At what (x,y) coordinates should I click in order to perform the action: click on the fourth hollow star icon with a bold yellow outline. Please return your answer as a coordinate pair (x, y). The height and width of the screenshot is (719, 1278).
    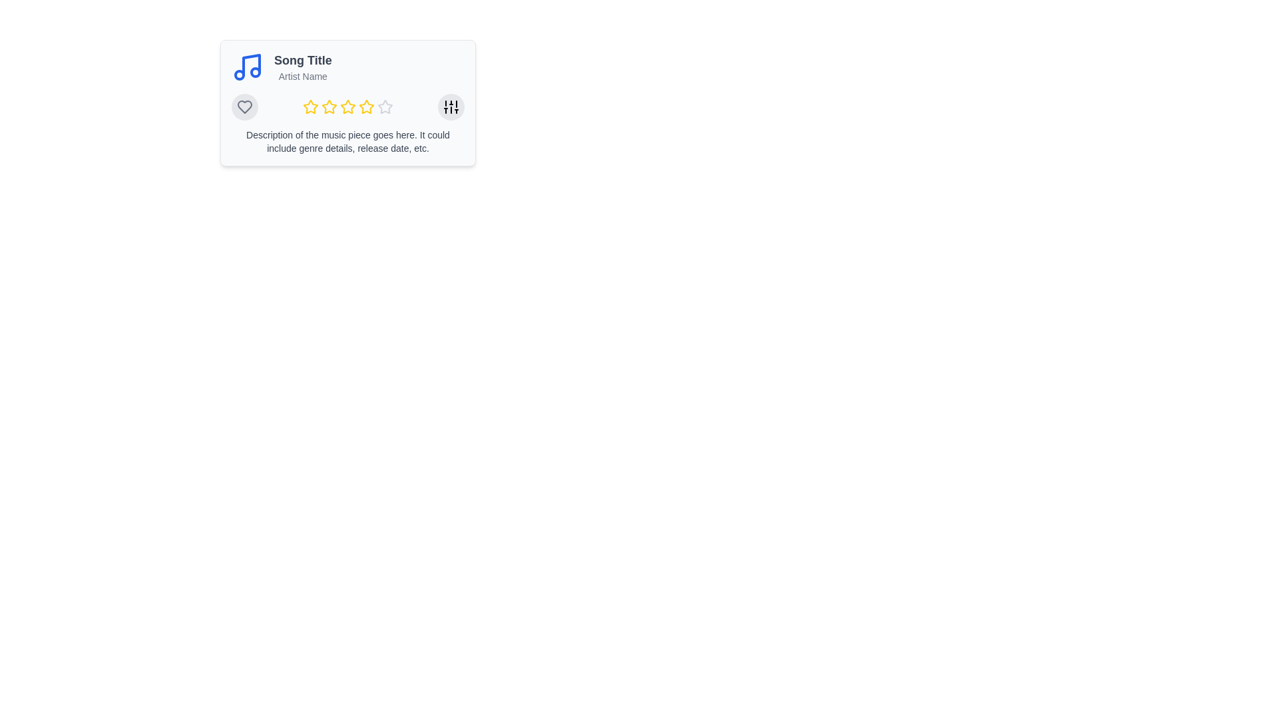
    Looking at the image, I should click on (367, 106).